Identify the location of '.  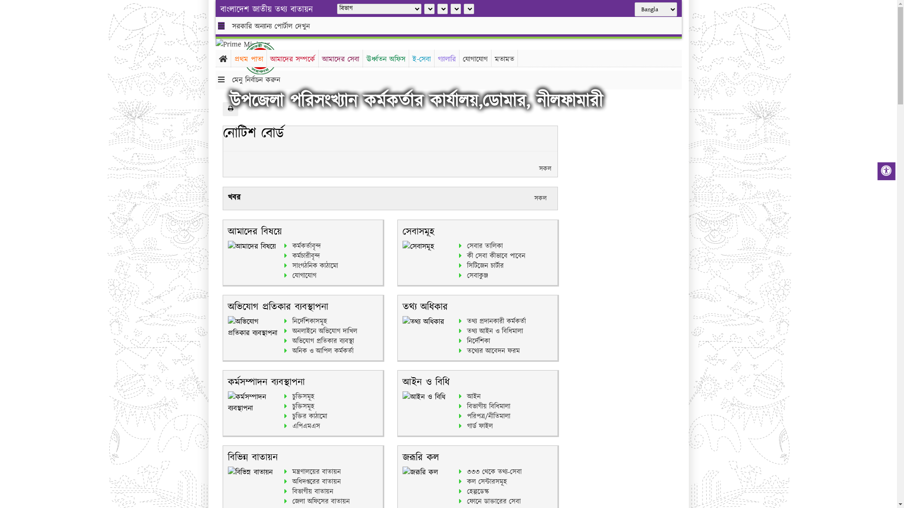
(267, 58).